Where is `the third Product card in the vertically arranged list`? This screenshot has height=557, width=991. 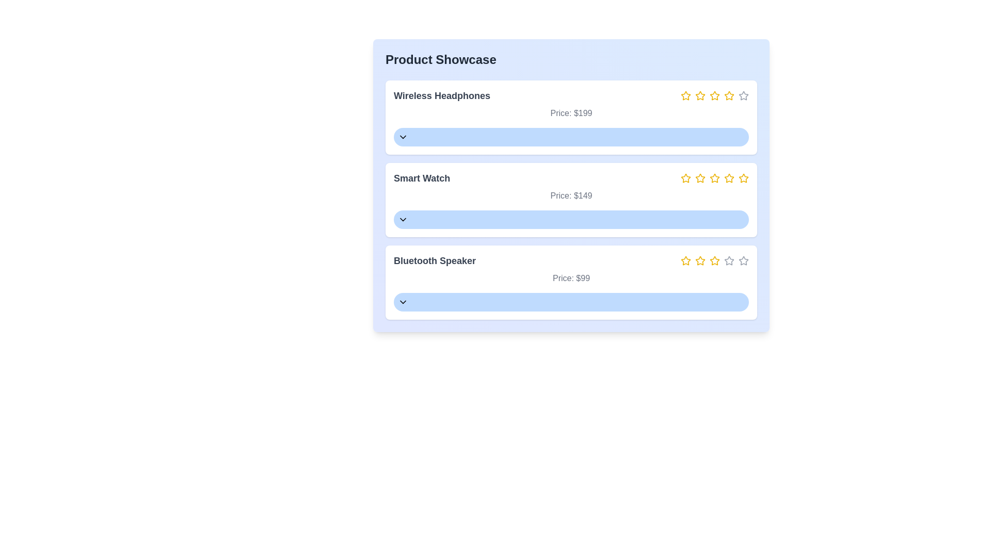
the third Product card in the vertically arranged list is located at coordinates (571, 282).